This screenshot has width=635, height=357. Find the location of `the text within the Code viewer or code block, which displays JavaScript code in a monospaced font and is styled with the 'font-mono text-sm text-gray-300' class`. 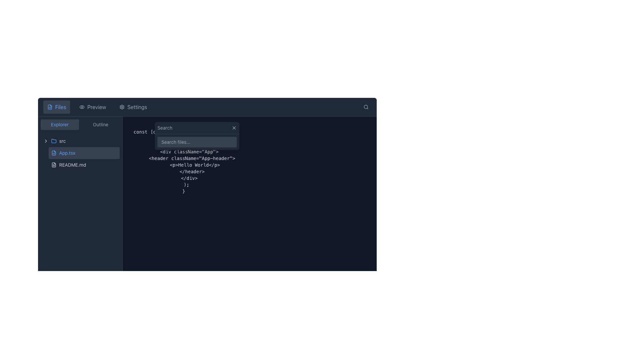

the text within the Code viewer or code block, which displays JavaScript code in a monospaced font and is styled with the 'font-mono text-sm text-gray-300' class is located at coordinates (184, 158).